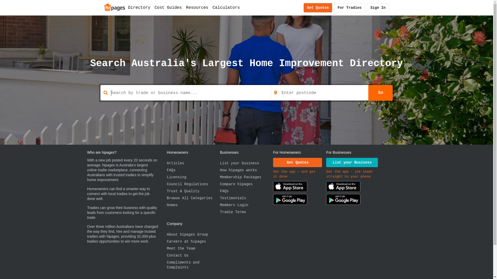  Describe the element at coordinates (139, 8) in the screenshot. I see `'Directory'` at that location.